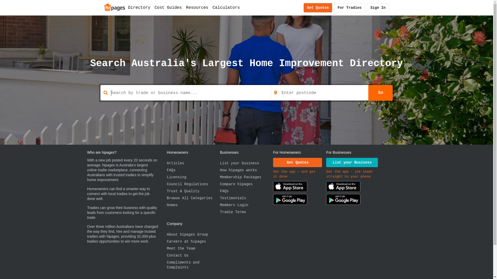  Describe the element at coordinates (139, 8) in the screenshot. I see `'Directory'` at that location.